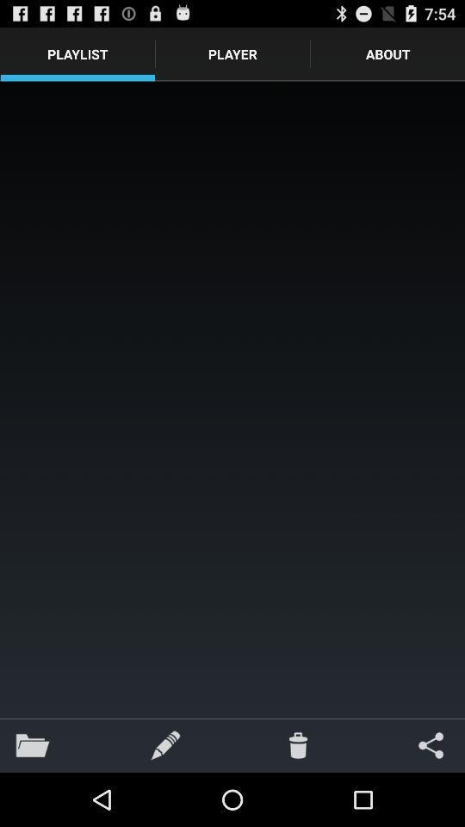 The image size is (465, 827). Describe the element at coordinates (232, 400) in the screenshot. I see `the icon below playlist` at that location.